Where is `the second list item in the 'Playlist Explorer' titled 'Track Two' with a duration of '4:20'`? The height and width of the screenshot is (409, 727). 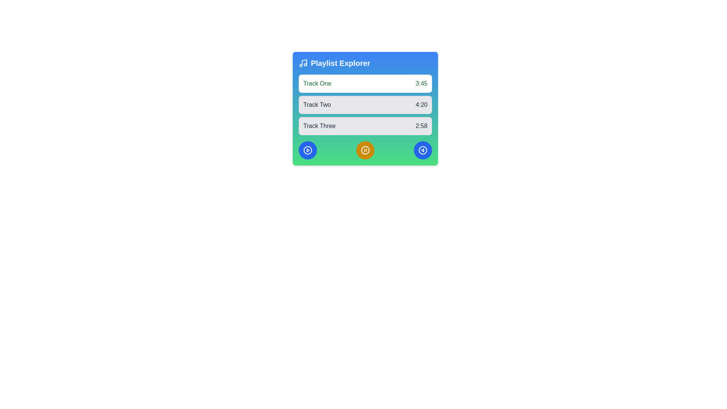
the second list item in the 'Playlist Explorer' titled 'Track Two' with a duration of '4:20' is located at coordinates (365, 105).